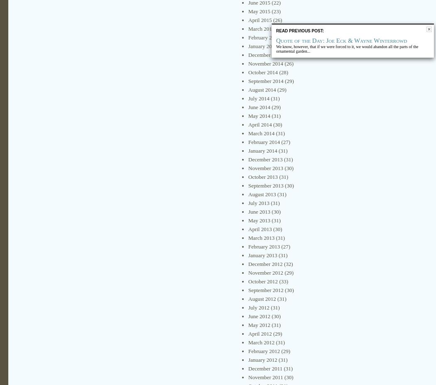  What do you see at coordinates (262, 360) in the screenshot?
I see `'January 2012'` at bounding box center [262, 360].